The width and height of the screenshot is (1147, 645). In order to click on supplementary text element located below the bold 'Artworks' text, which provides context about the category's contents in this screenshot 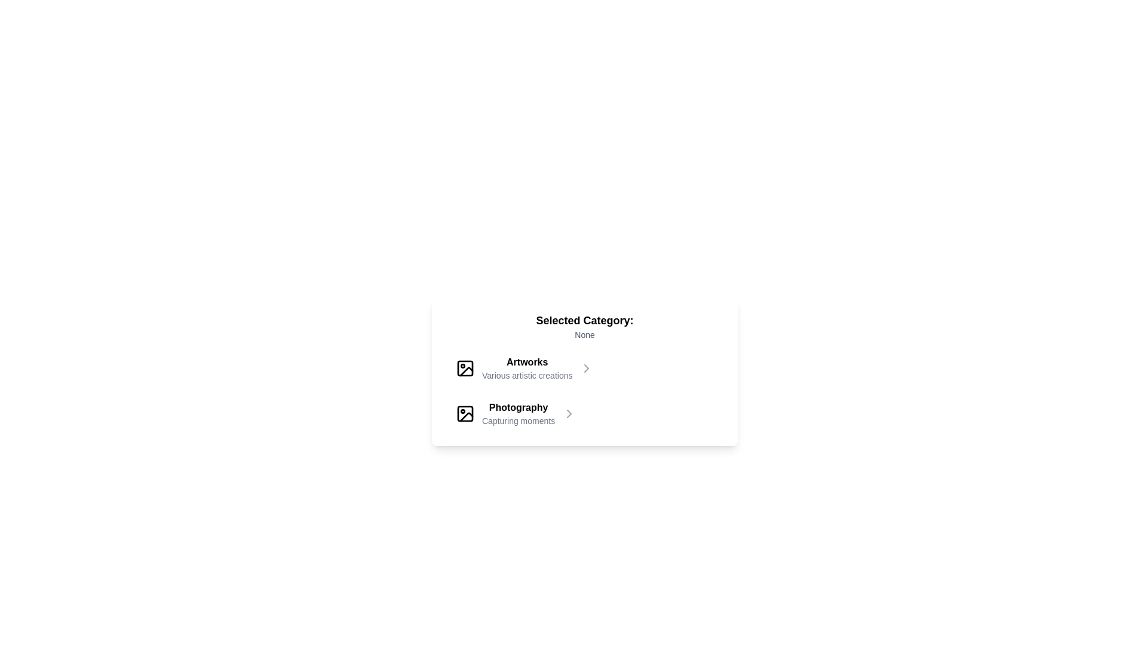, I will do `click(526, 374)`.